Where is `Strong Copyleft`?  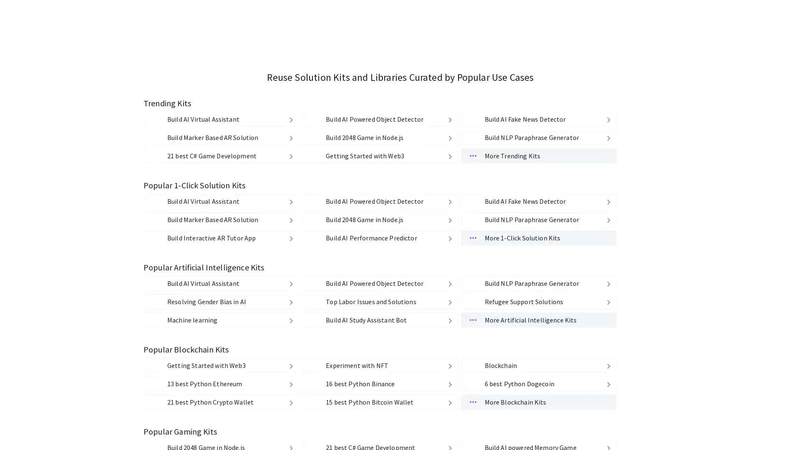 Strong Copyleft is located at coordinates (272, 245).